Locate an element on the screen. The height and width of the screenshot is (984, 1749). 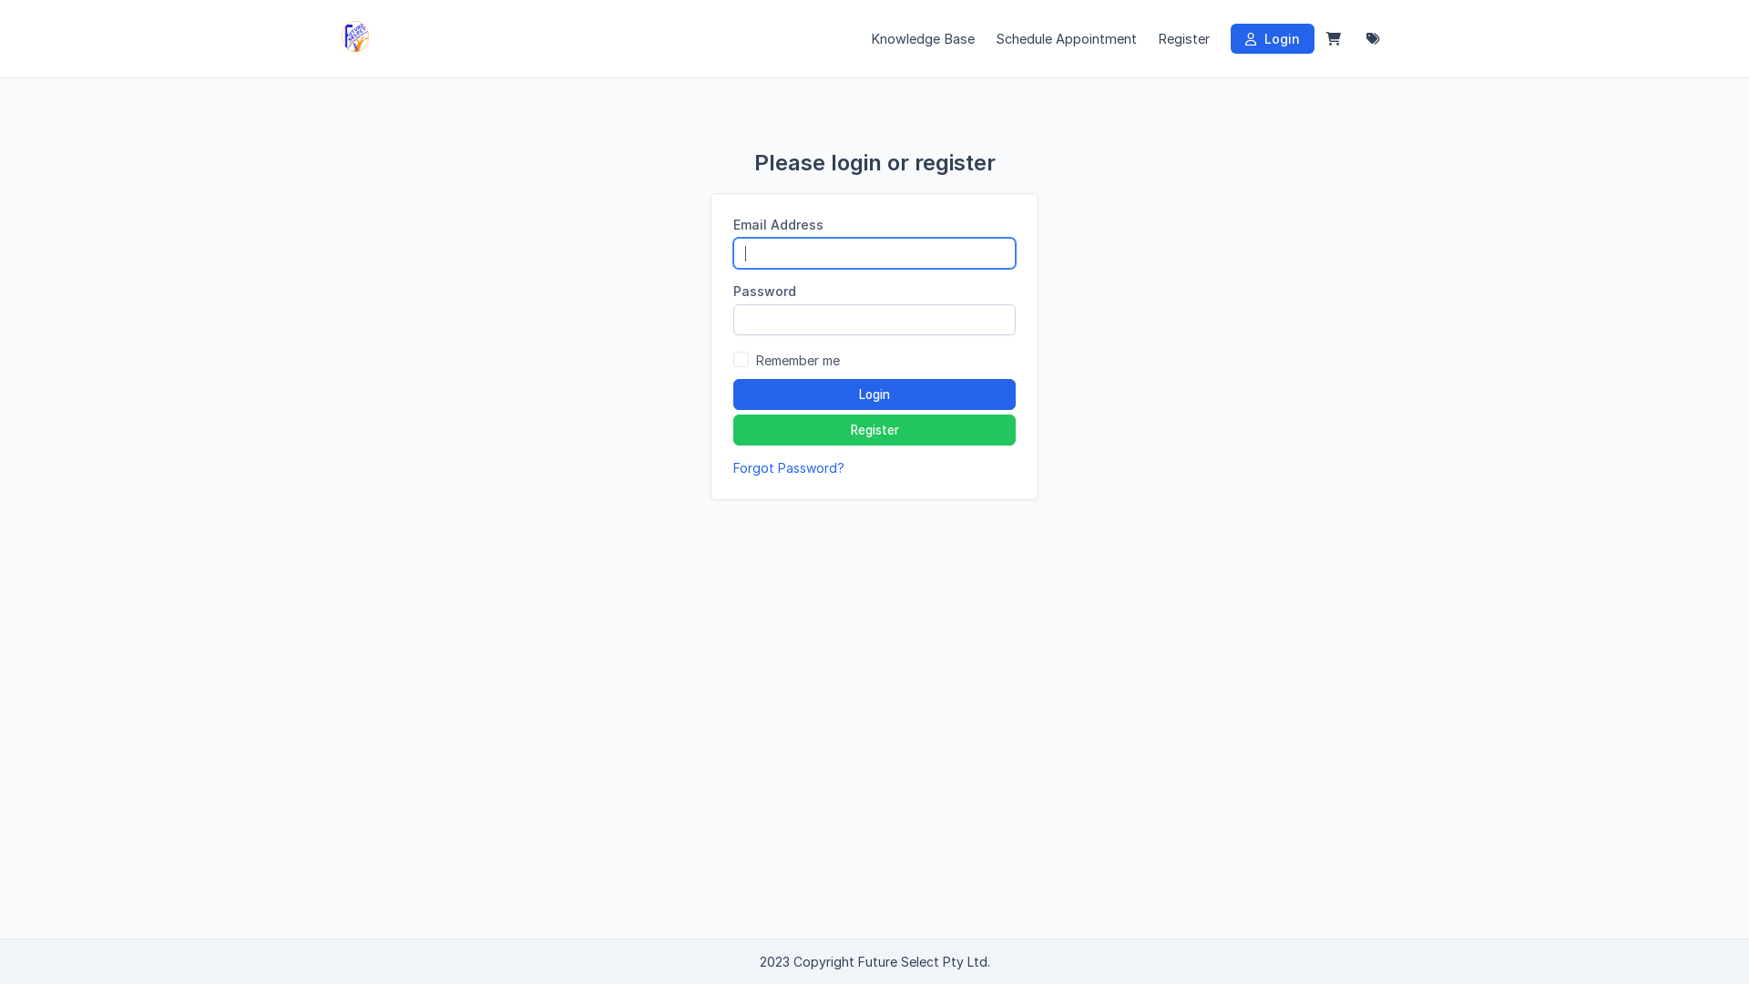
'Register' is located at coordinates (1183, 38).